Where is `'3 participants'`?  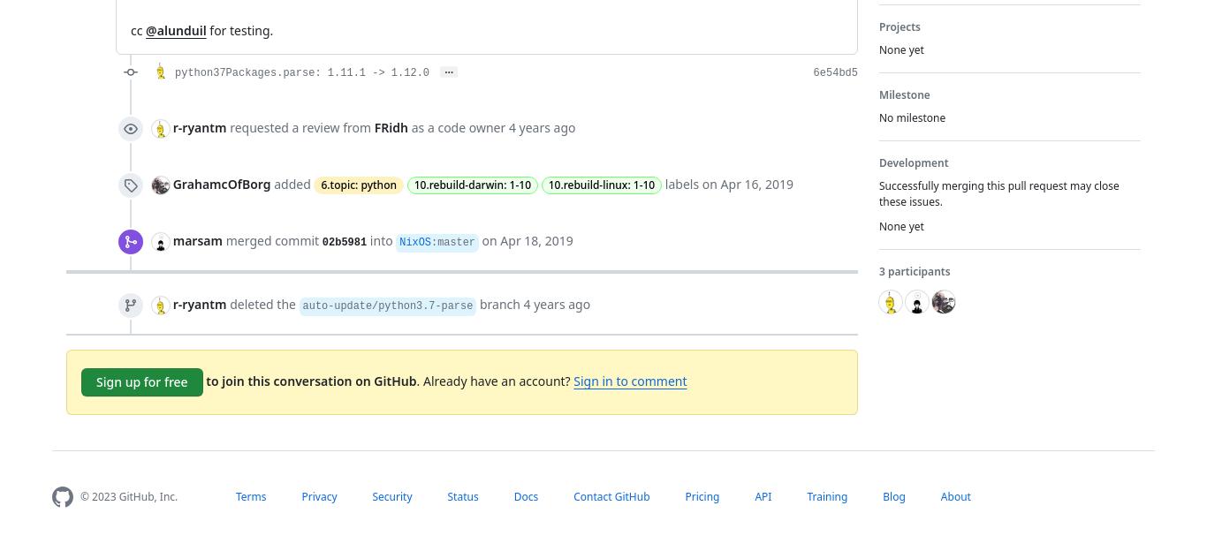
'3 participants' is located at coordinates (914, 271).